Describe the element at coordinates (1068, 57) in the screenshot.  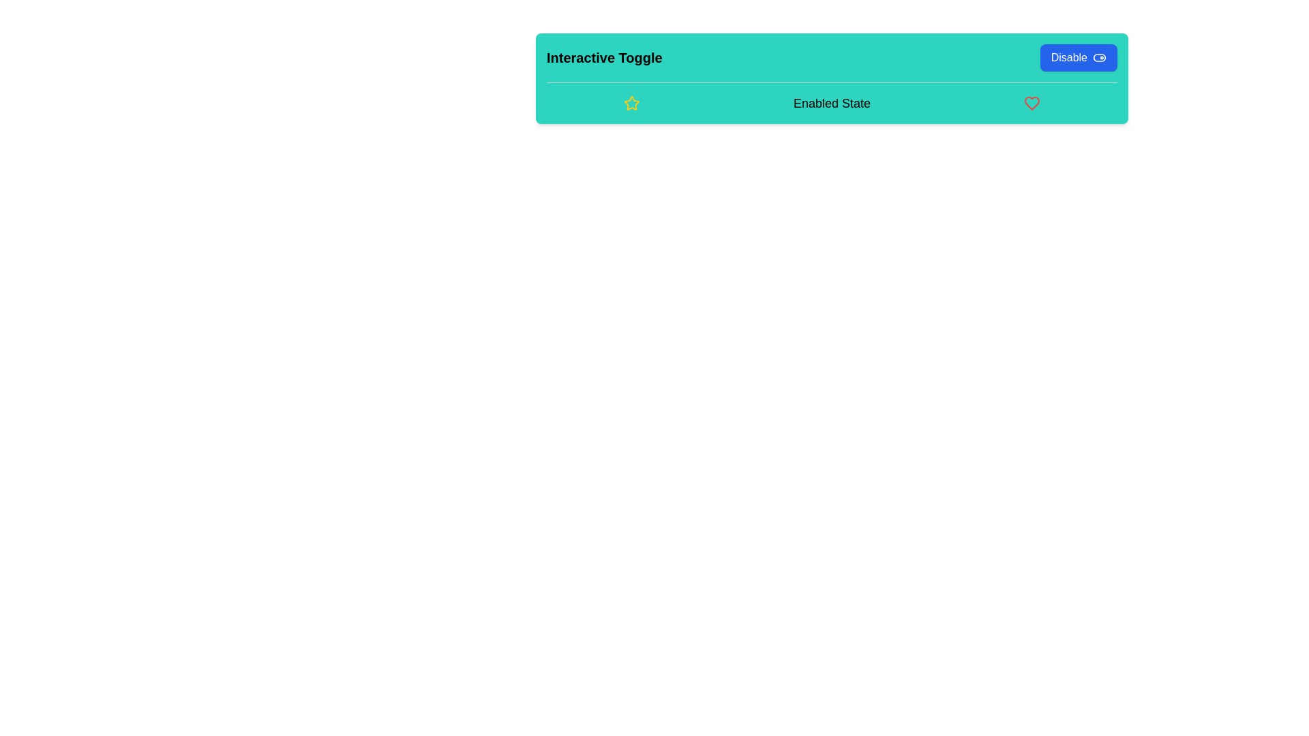
I see `the 'Disable' text label located in the top-right corner of the teal-colored section, which describes the button's functionality` at that location.